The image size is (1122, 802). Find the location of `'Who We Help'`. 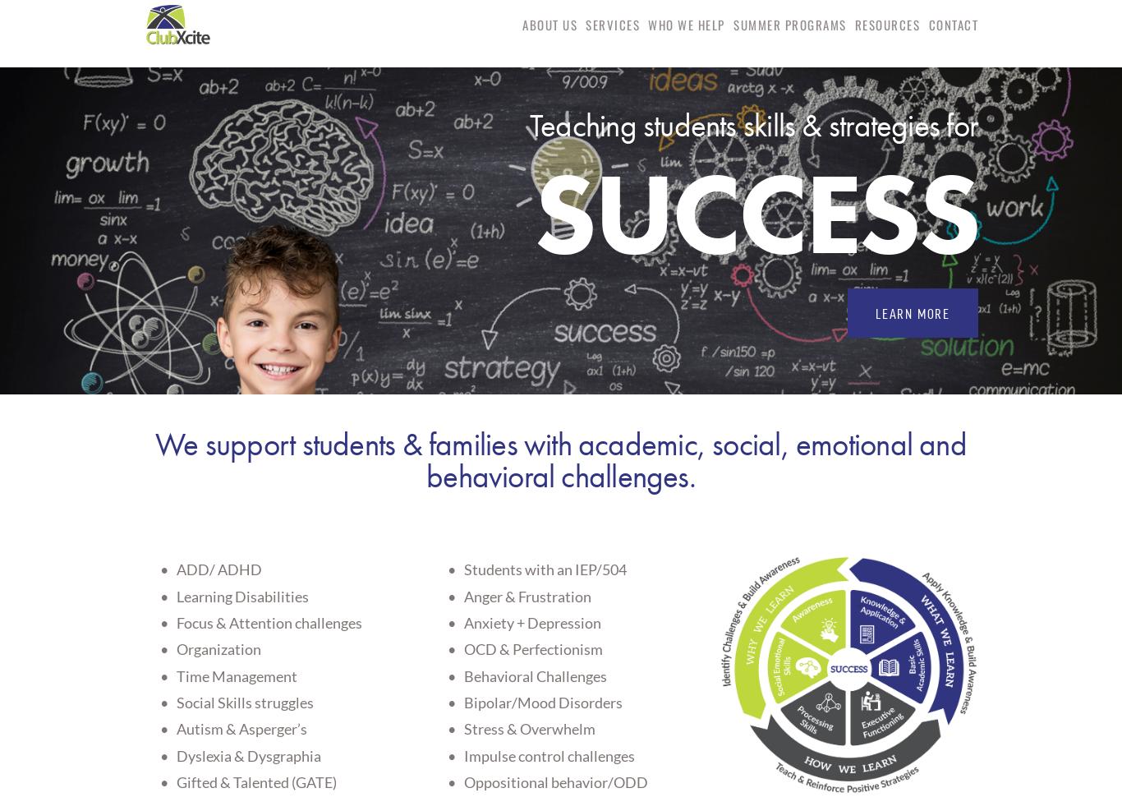

'Who We Help' is located at coordinates (685, 23).